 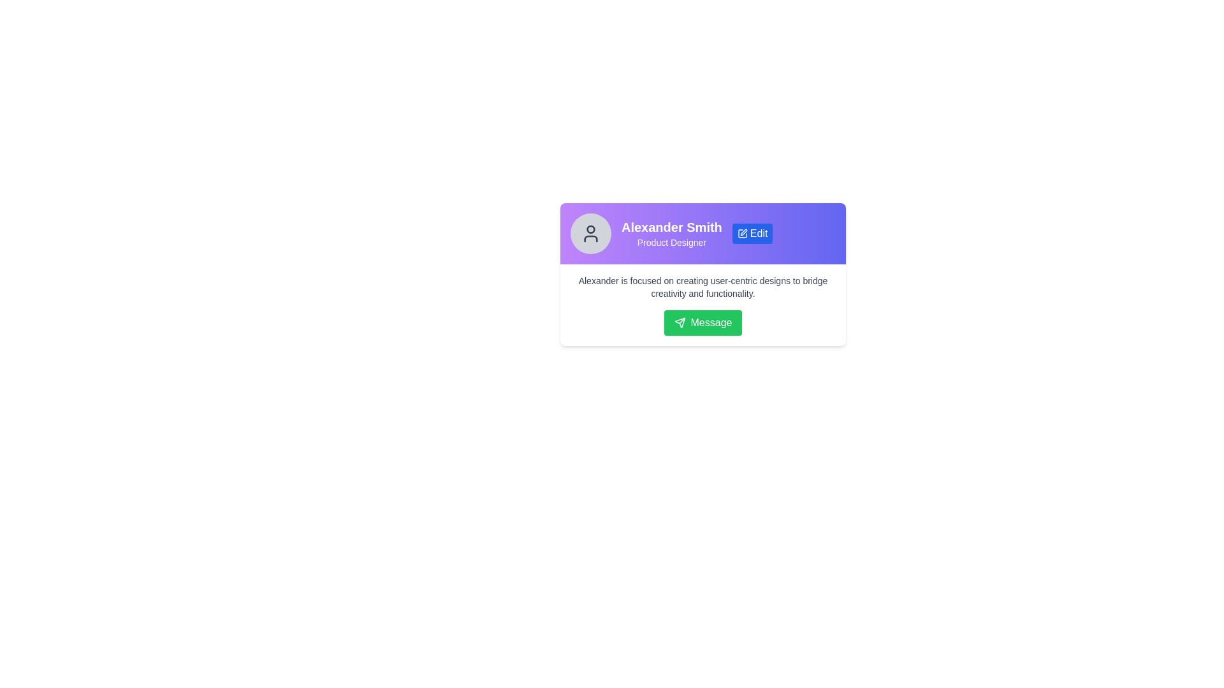 What do you see at coordinates (742, 233) in the screenshot?
I see `the 'Edit' button icon located to the left of the text label 'Edit' next to 'Alexander Smith' and 'Product Designer'` at bounding box center [742, 233].